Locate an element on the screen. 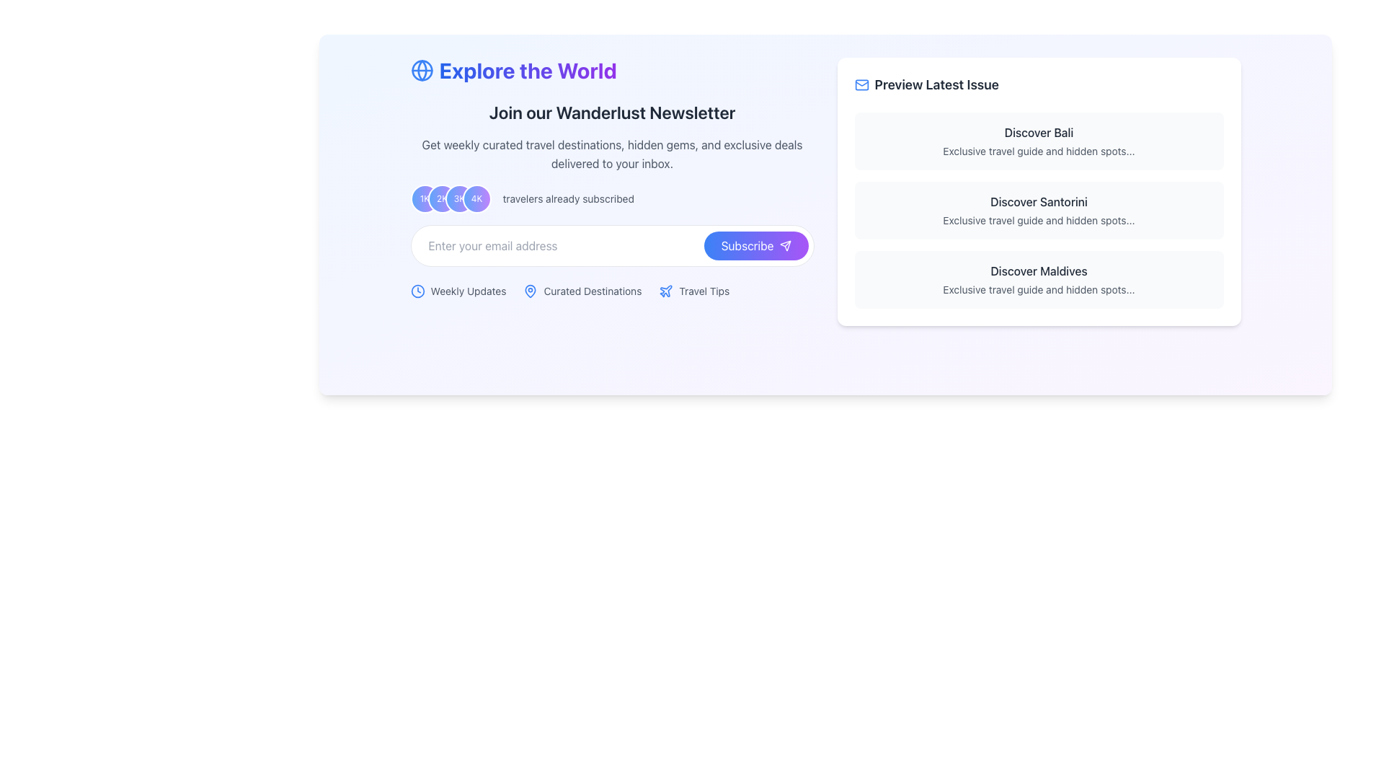  the second card titled 'Discover Santorini' in the right-hand section under 'Preview Latest Issue', which features a white background and rounded corners with a bold title and a gray description is located at coordinates (1039, 191).